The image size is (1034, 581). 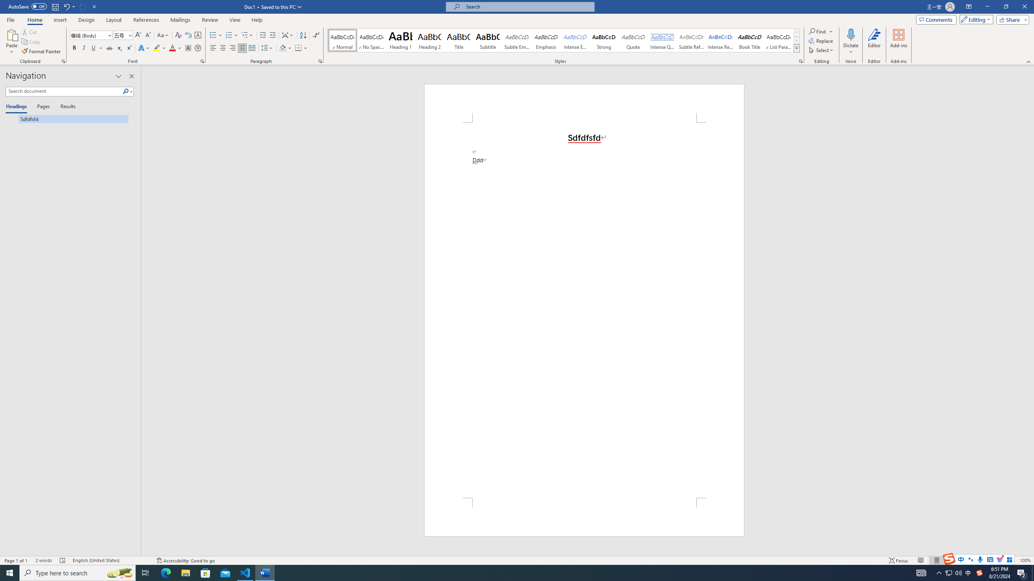 What do you see at coordinates (797, 48) in the screenshot?
I see `'Styles'` at bounding box center [797, 48].